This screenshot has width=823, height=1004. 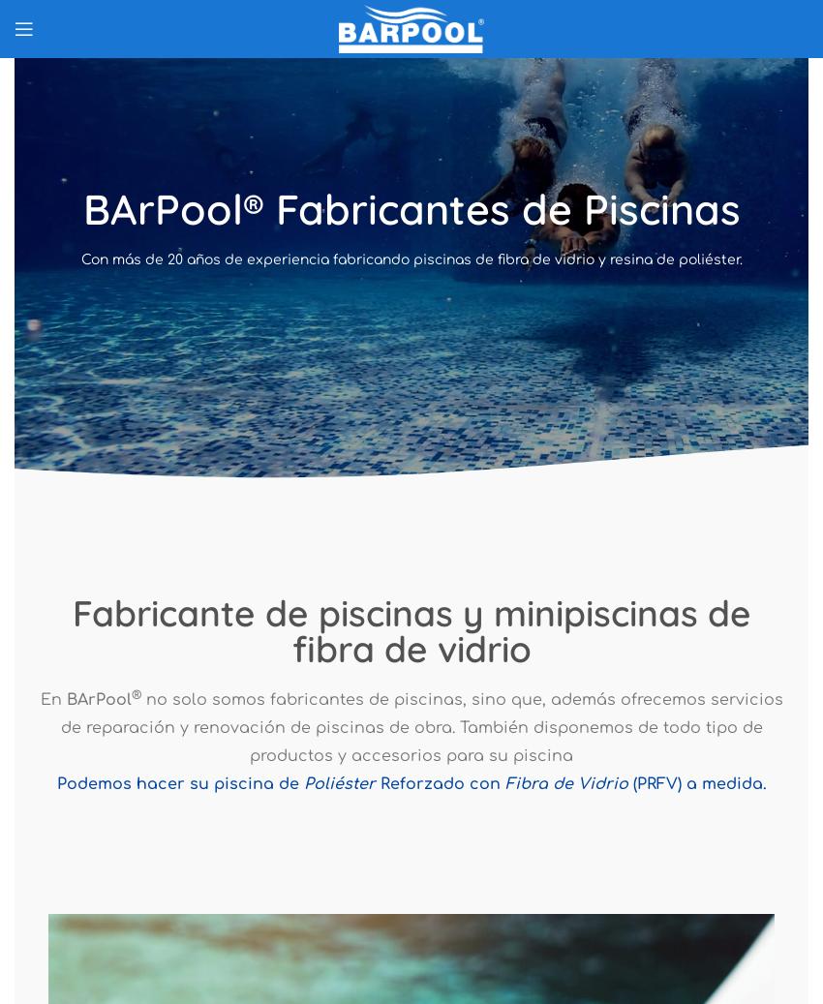 What do you see at coordinates (411, 630) in the screenshot?
I see `'Fabricante de piscinas y minipiscinas de fibra de vidrio'` at bounding box center [411, 630].